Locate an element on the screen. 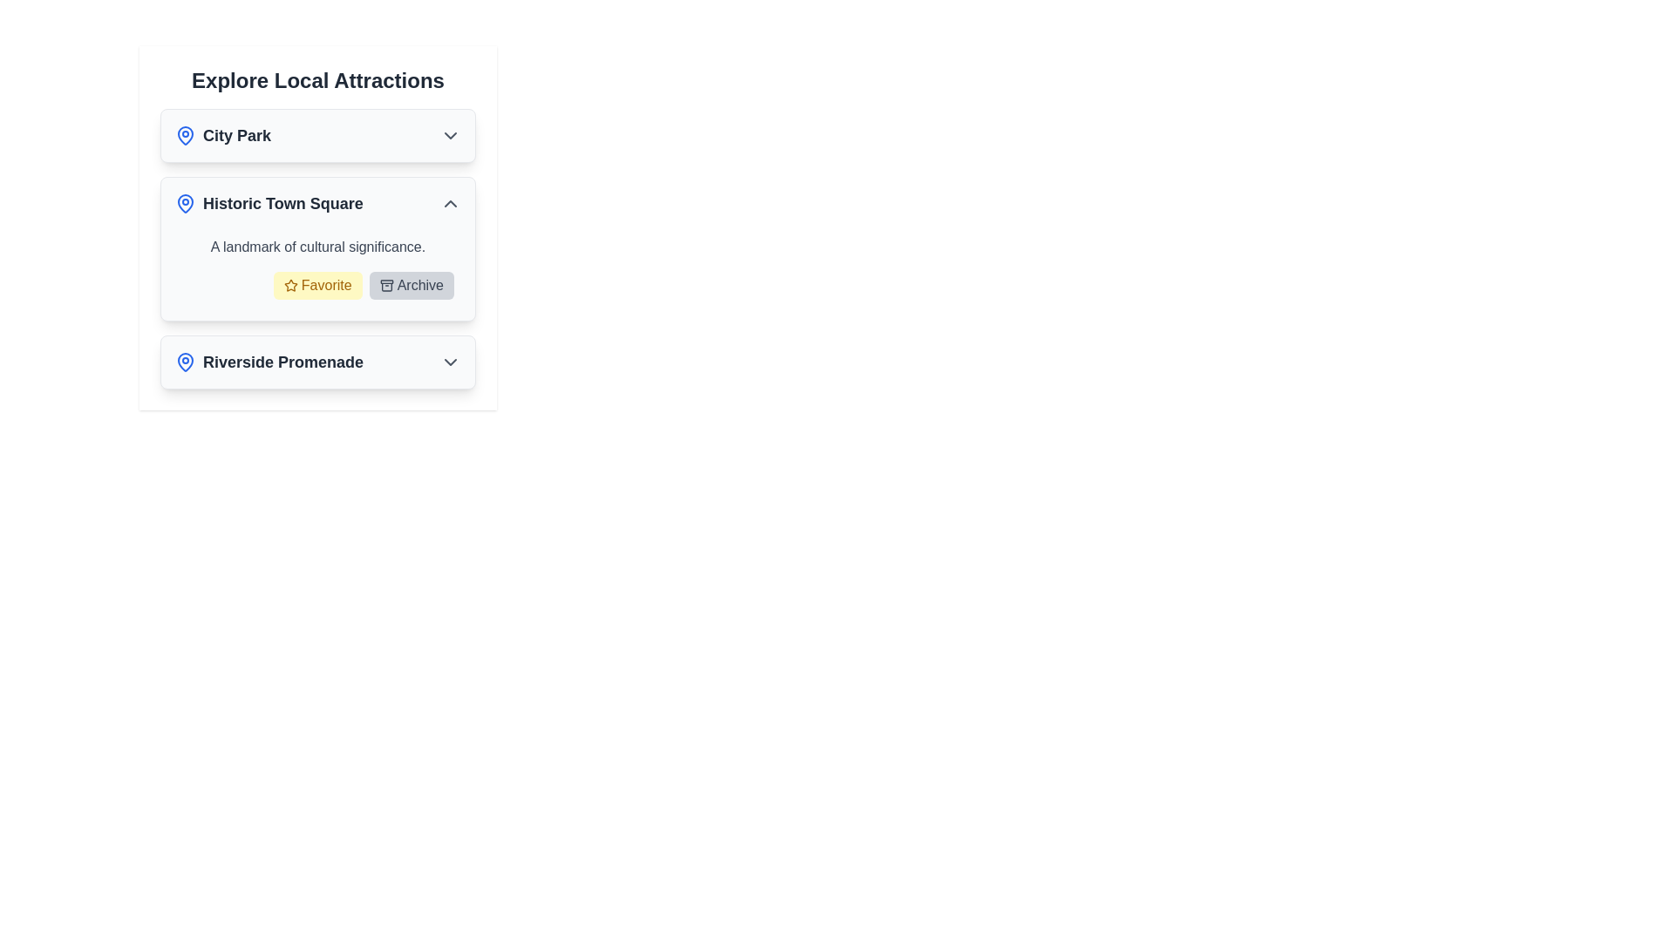 The height and width of the screenshot is (941, 1674). the 'City Park' label with icon located in the top section of the 'Explore Local Attractions' list is located at coordinates (221, 134).